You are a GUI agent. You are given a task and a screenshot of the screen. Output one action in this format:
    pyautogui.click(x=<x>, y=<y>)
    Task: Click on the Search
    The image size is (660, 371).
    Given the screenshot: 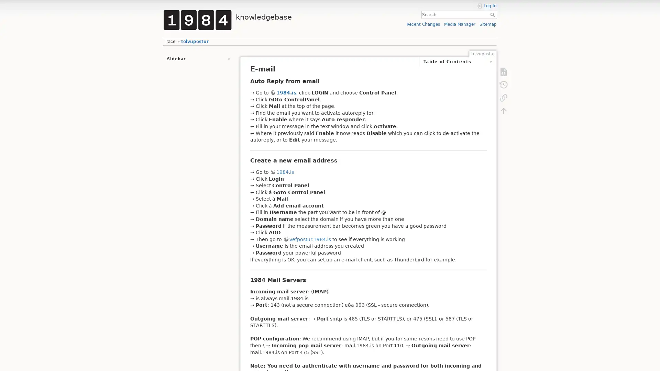 What is the action you would take?
    pyautogui.click(x=493, y=14)
    